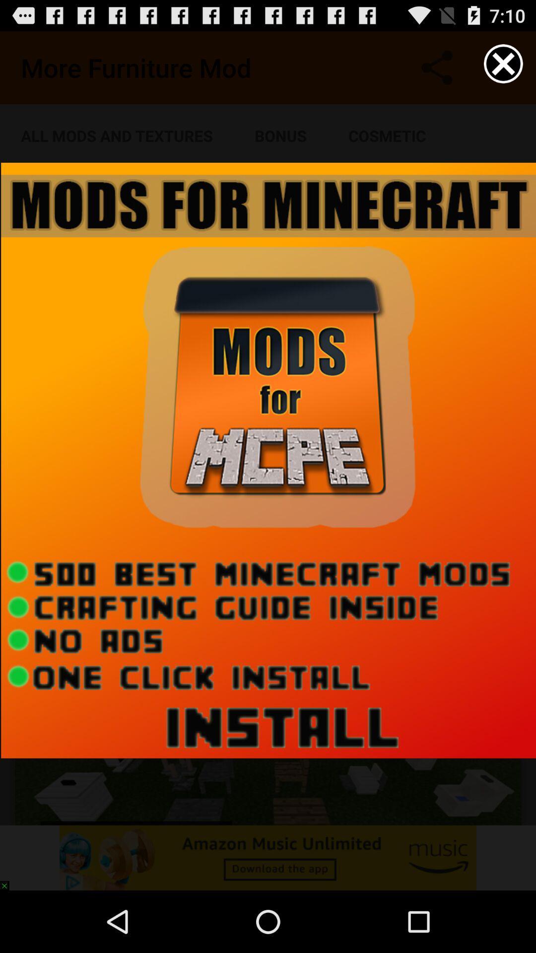 This screenshot has height=953, width=536. Describe the element at coordinates (503, 68) in the screenshot. I see `the close icon` at that location.